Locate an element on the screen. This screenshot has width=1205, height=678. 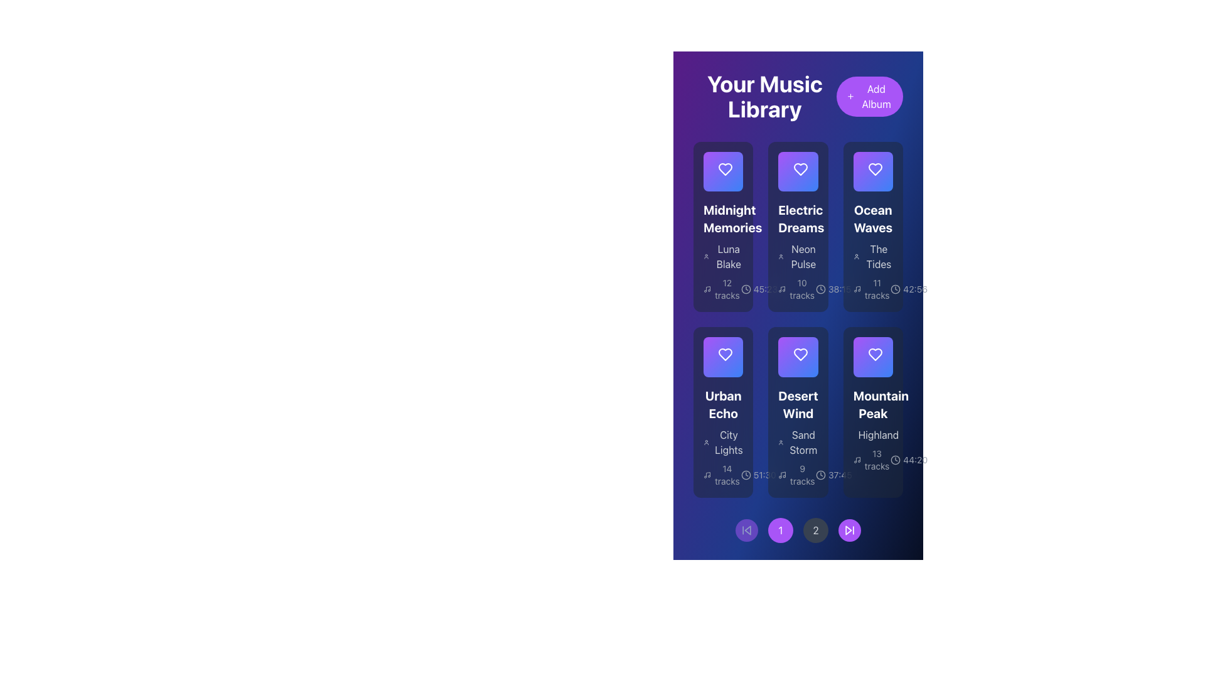
text content of the text label displaying 'City Lights' in white color on a dark blue background, positioned under the title 'Urban Echo' in the grid is located at coordinates (729, 441).